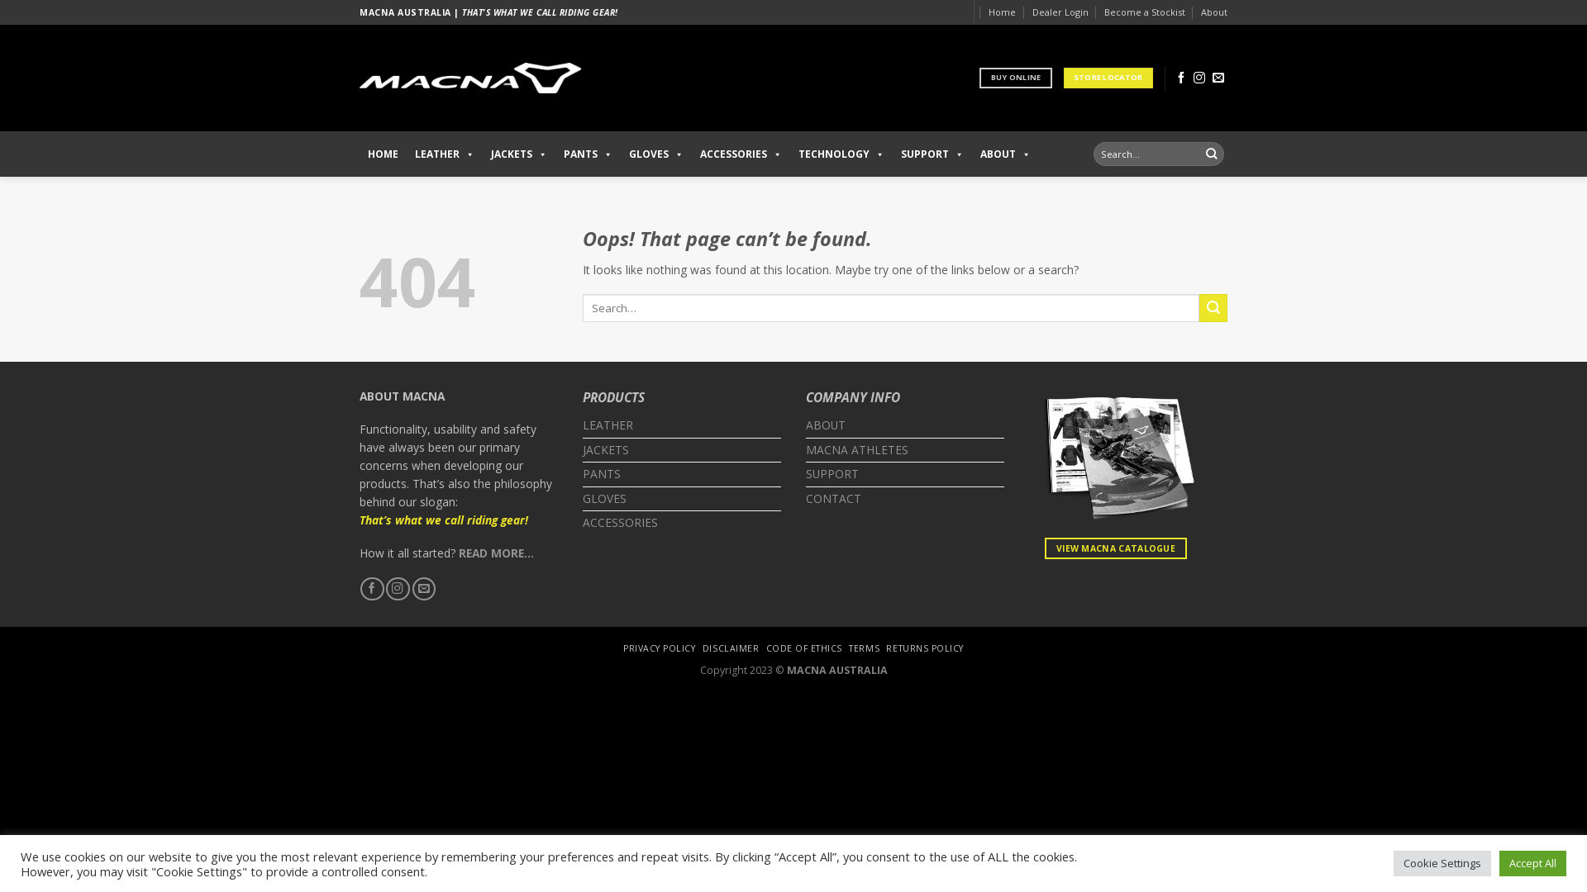 Image resolution: width=1587 pixels, height=892 pixels. Describe the element at coordinates (856, 450) in the screenshot. I see `'MACNA ATHLETES'` at that location.